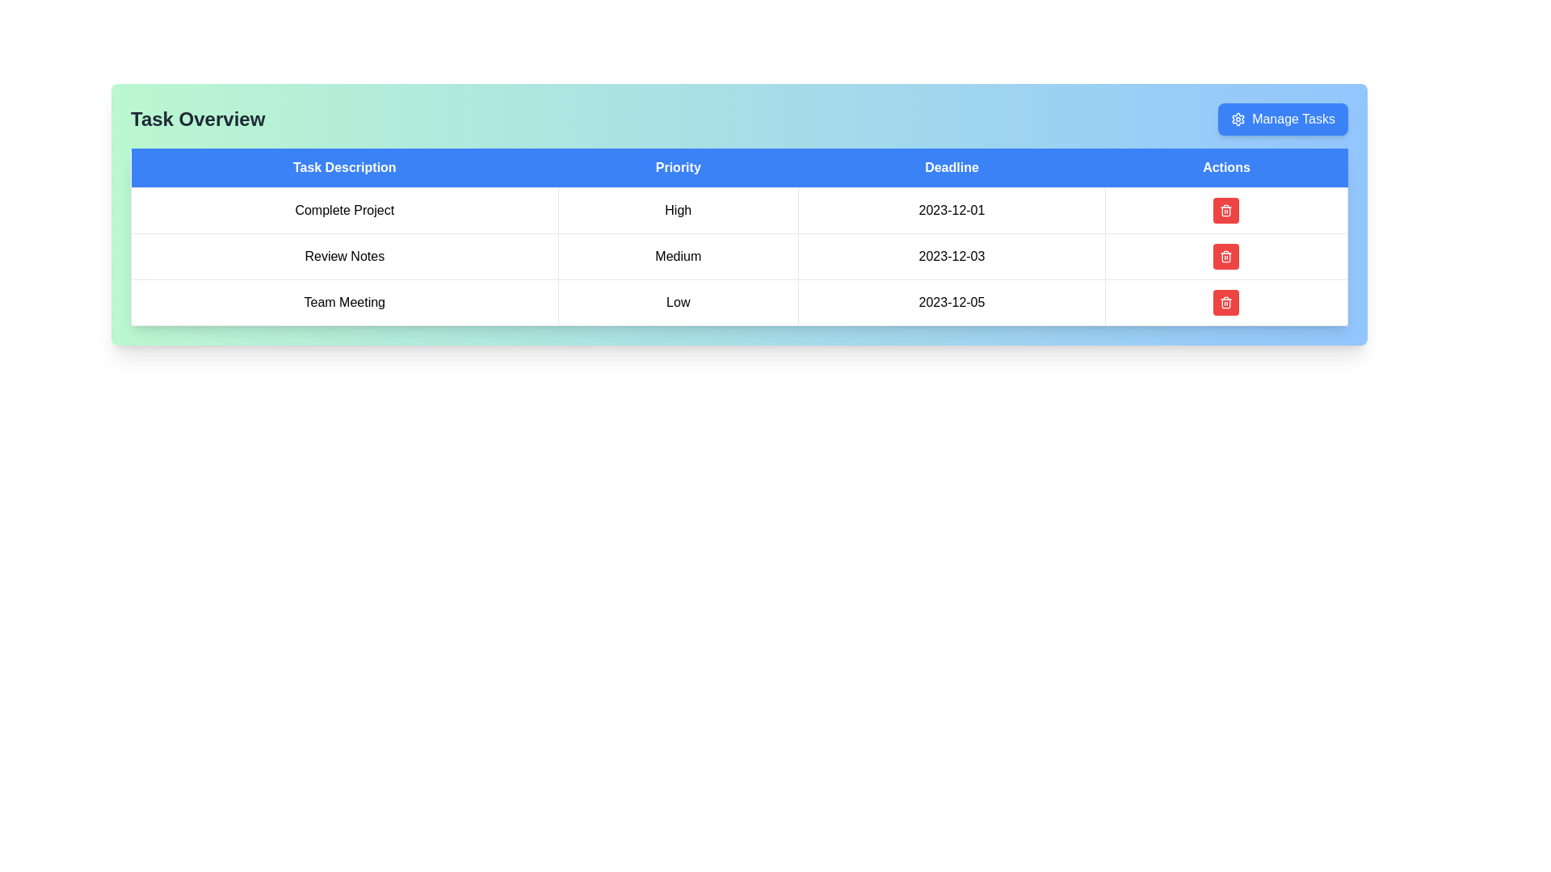  I want to click on the compact trash icon with a red background and white details in the 'Actions' column, so click(1225, 255).